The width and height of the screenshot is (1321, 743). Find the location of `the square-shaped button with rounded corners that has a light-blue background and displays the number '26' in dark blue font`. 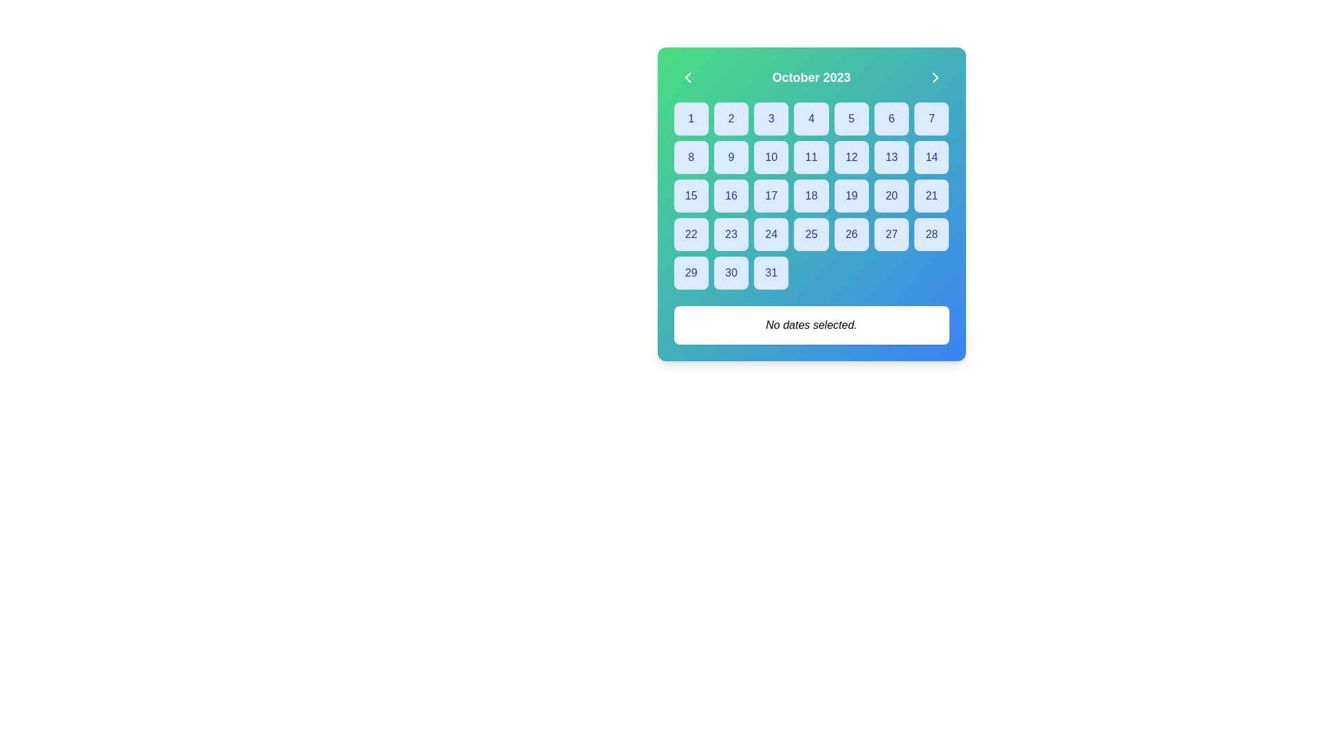

the square-shaped button with rounded corners that has a light-blue background and displays the number '26' in dark blue font is located at coordinates (850, 233).